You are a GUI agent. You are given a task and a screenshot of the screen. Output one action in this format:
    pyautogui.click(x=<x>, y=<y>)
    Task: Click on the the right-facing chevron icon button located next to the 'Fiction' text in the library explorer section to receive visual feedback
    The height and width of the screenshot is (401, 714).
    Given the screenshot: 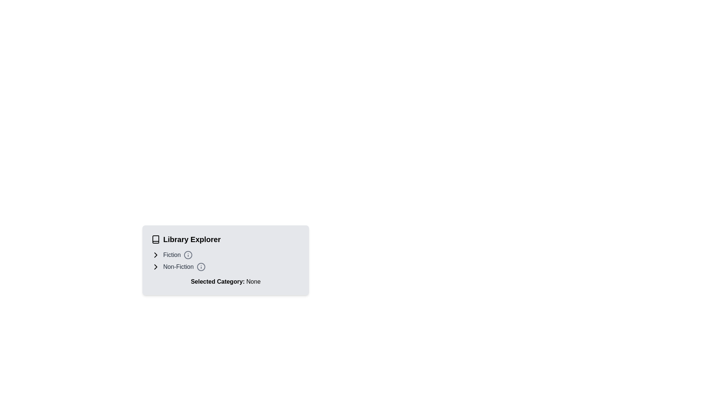 What is the action you would take?
    pyautogui.click(x=155, y=254)
    